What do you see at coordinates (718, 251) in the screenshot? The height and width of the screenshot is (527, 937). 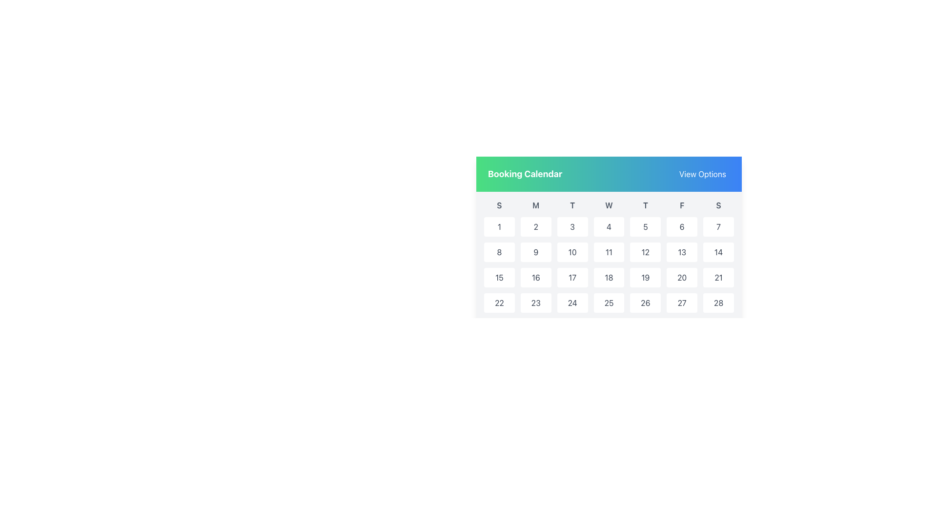 I see `the Date Cell displaying '14' in the calendar grid` at bounding box center [718, 251].